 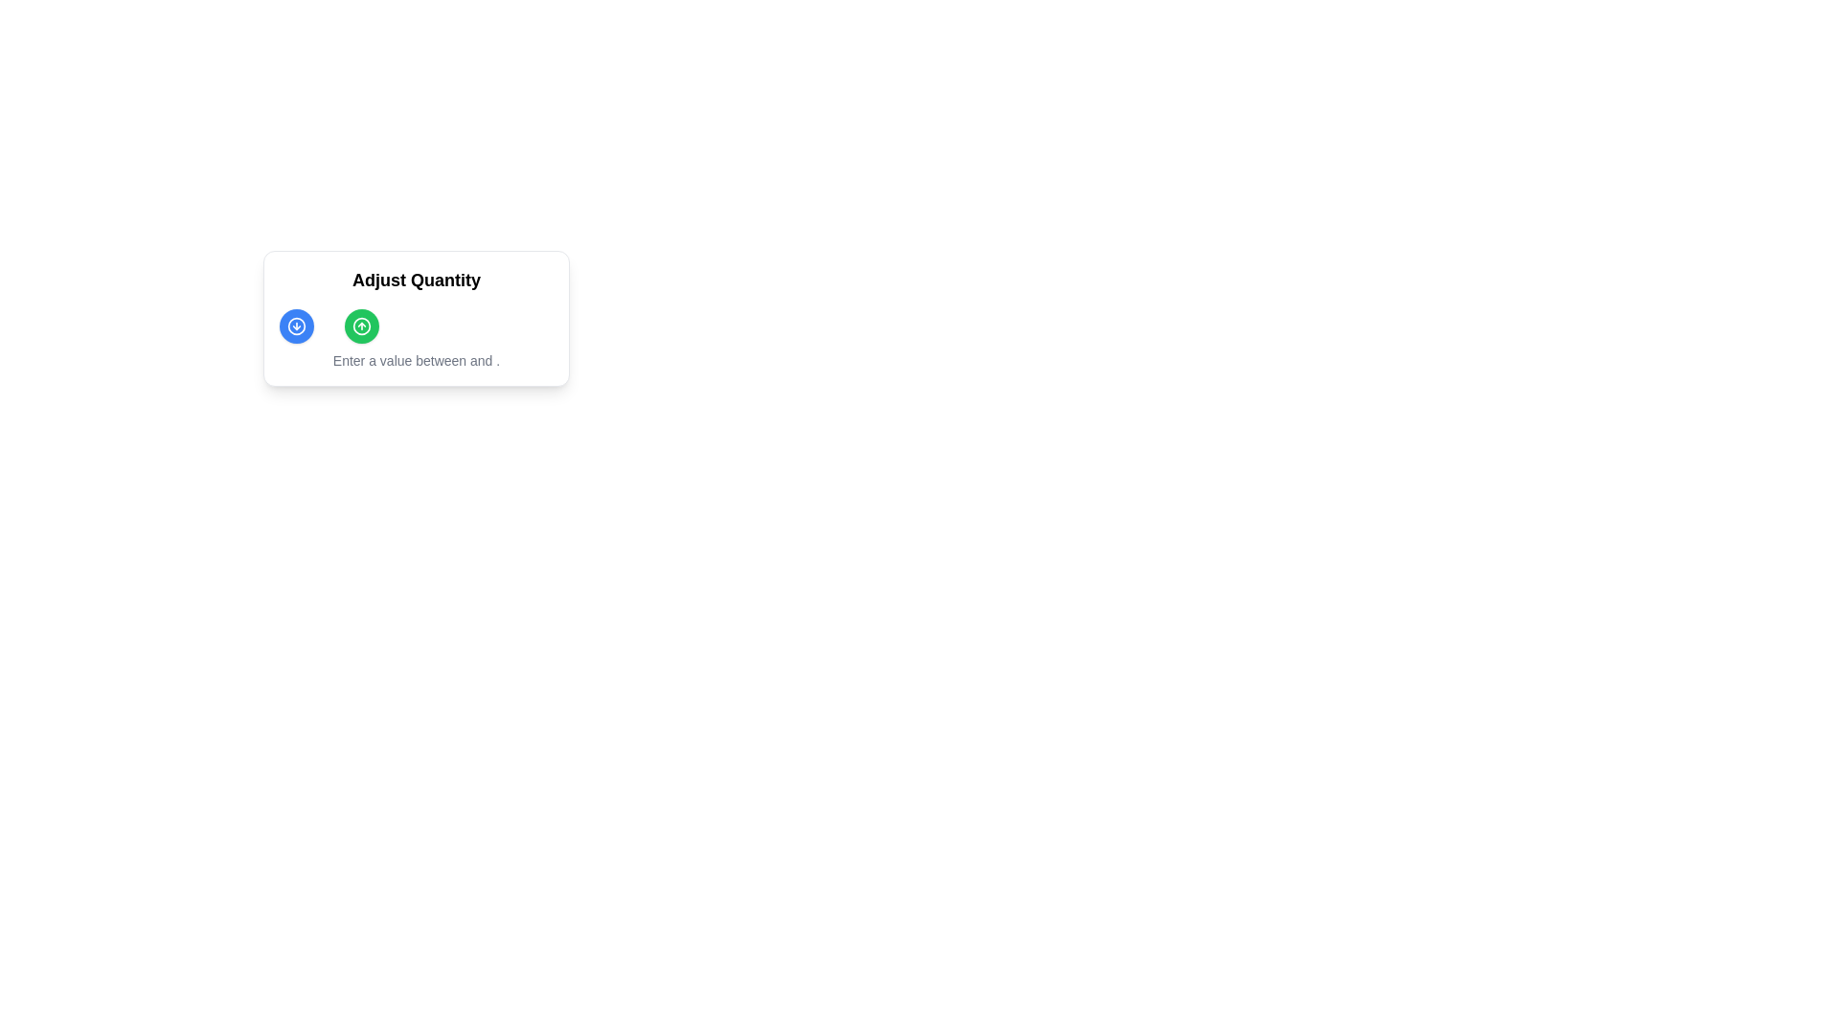 I want to click on the increment button located at the top-center of the 'Adjust Quantity' card, so click(x=362, y=325).